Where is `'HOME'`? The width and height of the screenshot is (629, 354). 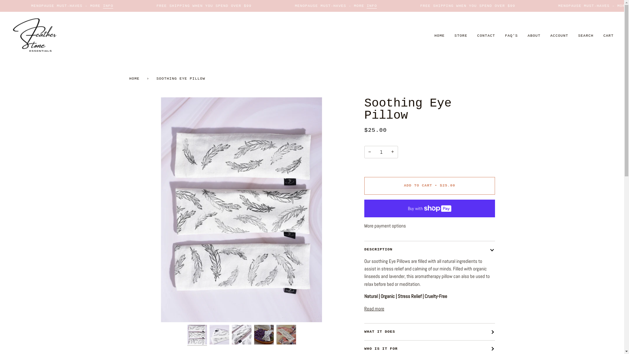
'HOME' is located at coordinates (135, 78).